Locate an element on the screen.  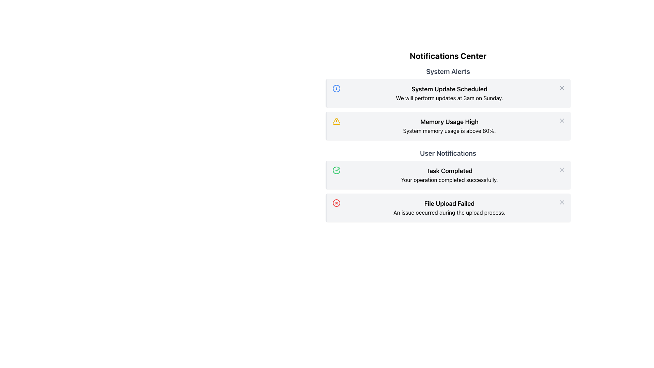
the yellow triangular warning icon with an exclamation mark located in the second notification card titled 'Memory Usage High' is located at coordinates (336, 121).